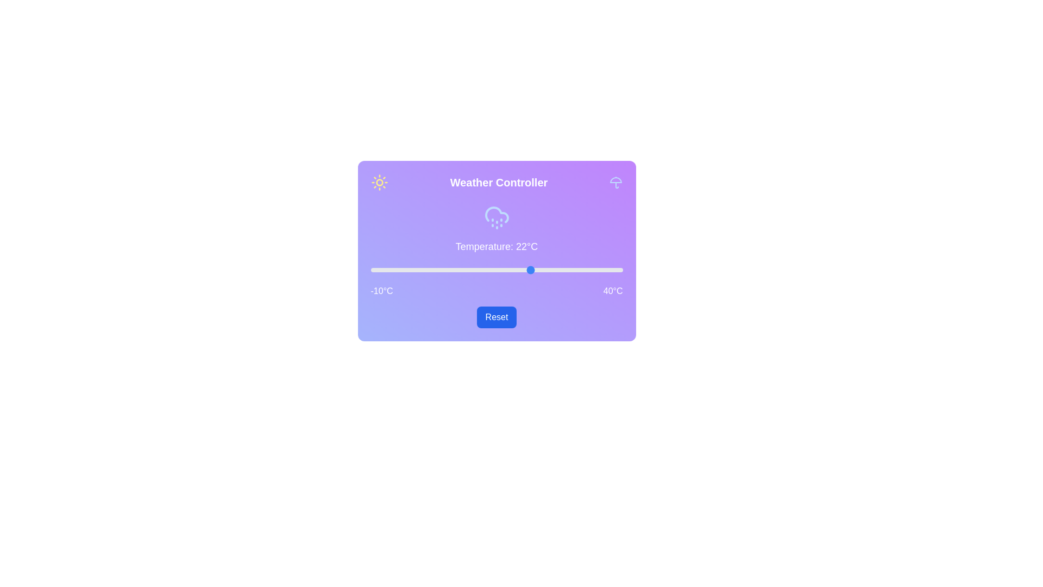 The width and height of the screenshot is (1043, 587). What do you see at coordinates (496, 317) in the screenshot?
I see `Reset button to reset the temperature to its default value` at bounding box center [496, 317].